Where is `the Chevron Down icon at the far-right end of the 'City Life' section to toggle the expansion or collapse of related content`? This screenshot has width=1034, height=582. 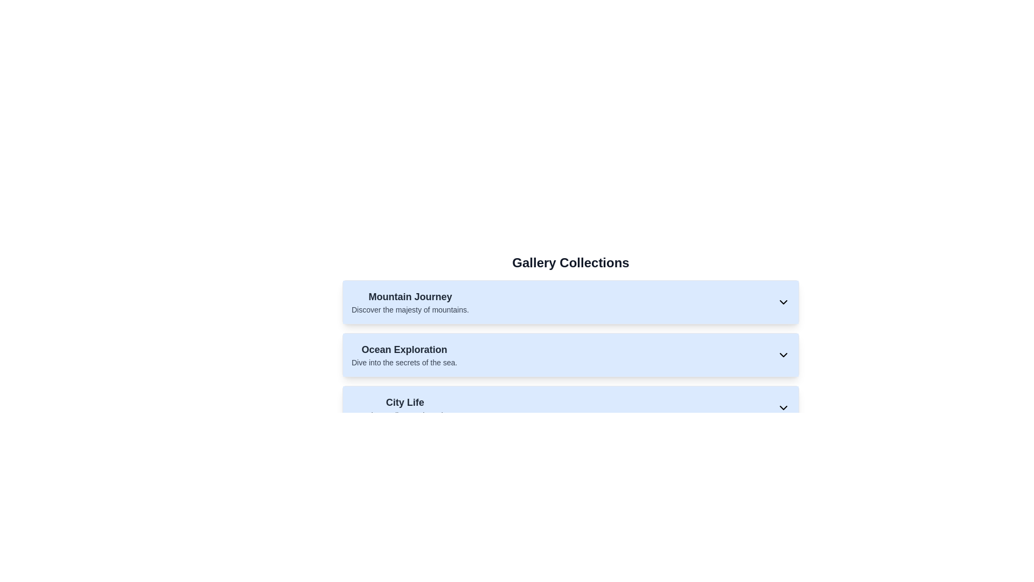
the Chevron Down icon at the far-right end of the 'City Life' section to toggle the expansion or collapse of related content is located at coordinates (783, 407).